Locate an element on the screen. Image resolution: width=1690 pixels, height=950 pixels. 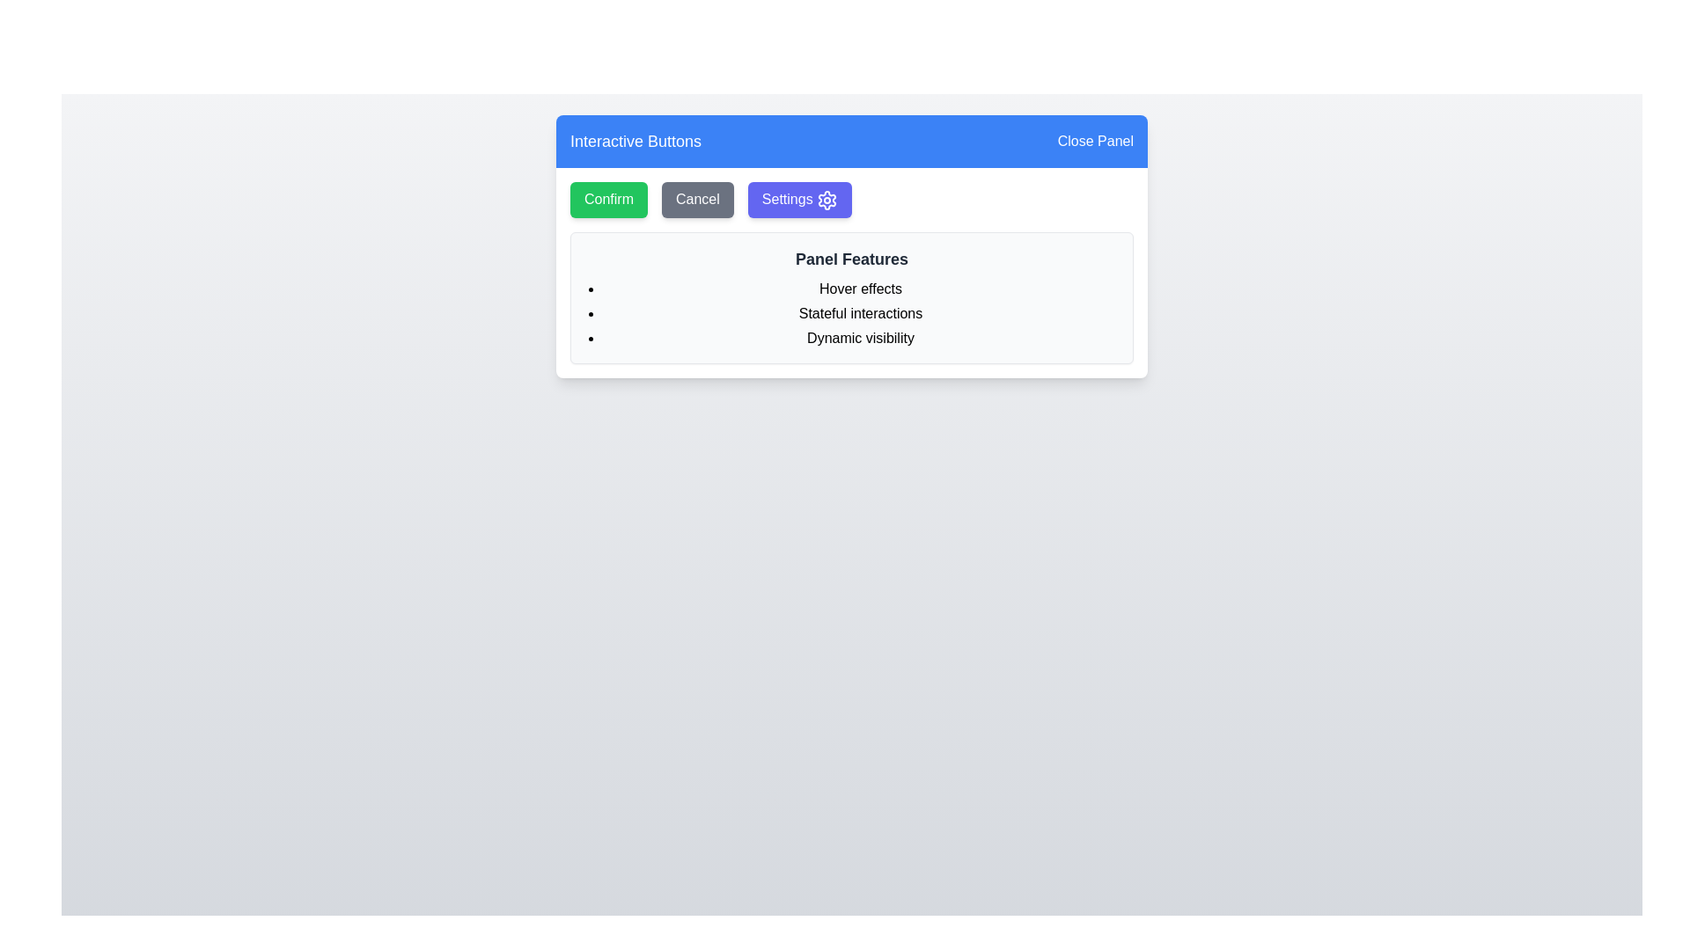
the green rectangular 'Confirm' button with rounded edges at the top of the panel to confirm an action is located at coordinates (608, 199).